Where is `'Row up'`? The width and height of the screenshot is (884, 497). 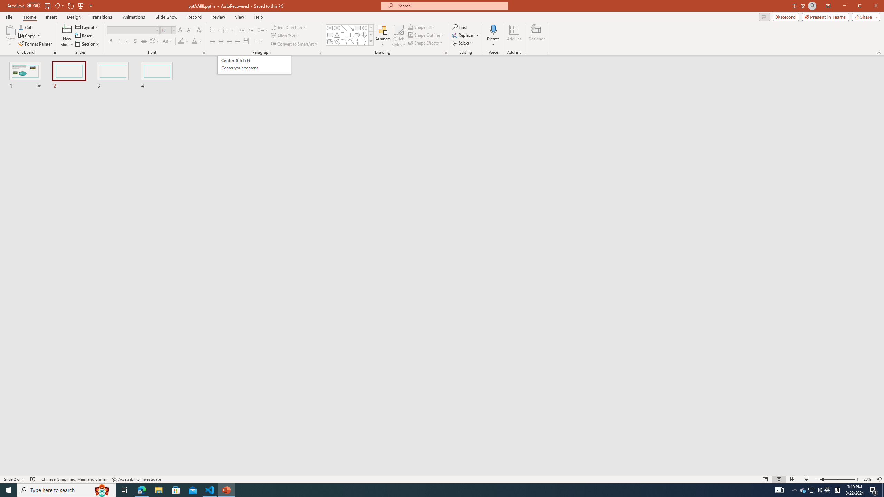
'Row up' is located at coordinates (330, 28).